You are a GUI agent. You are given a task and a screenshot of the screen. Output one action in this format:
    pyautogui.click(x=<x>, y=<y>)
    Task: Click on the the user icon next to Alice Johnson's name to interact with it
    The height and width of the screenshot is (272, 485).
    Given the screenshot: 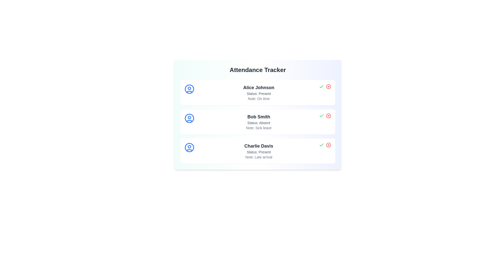 What is the action you would take?
    pyautogui.click(x=189, y=89)
    